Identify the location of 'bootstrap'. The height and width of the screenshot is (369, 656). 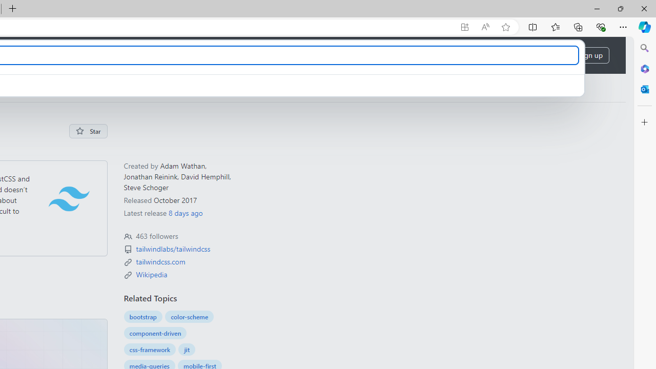
(142, 316).